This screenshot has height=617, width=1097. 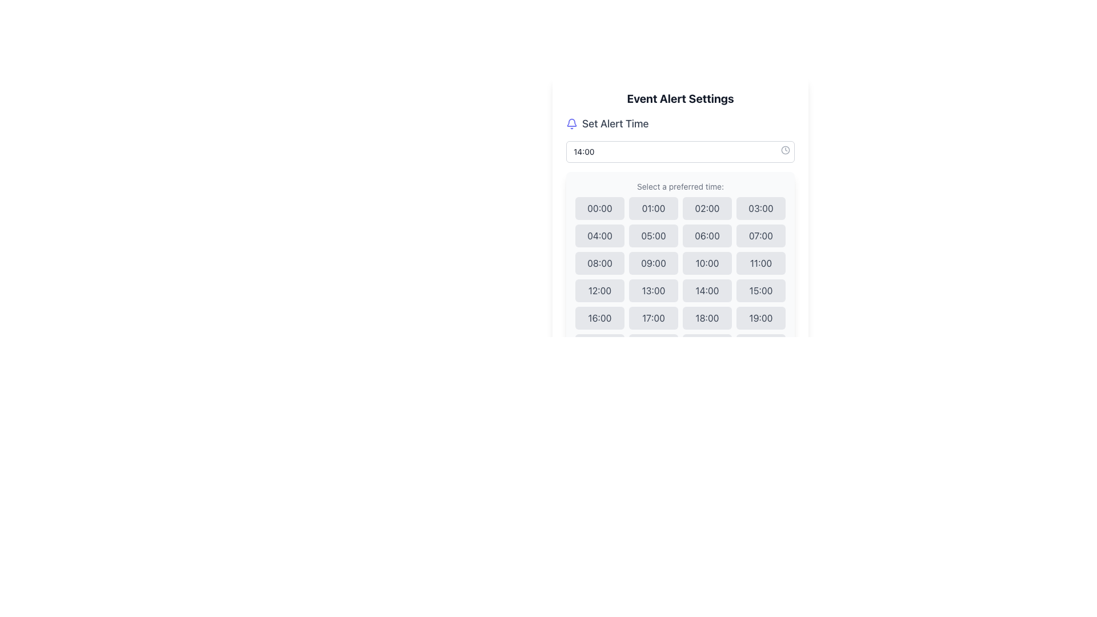 What do you see at coordinates (707, 290) in the screenshot?
I see `the button for selecting '14:00' time preference located in the fourth row, third column of the 4-column grid` at bounding box center [707, 290].